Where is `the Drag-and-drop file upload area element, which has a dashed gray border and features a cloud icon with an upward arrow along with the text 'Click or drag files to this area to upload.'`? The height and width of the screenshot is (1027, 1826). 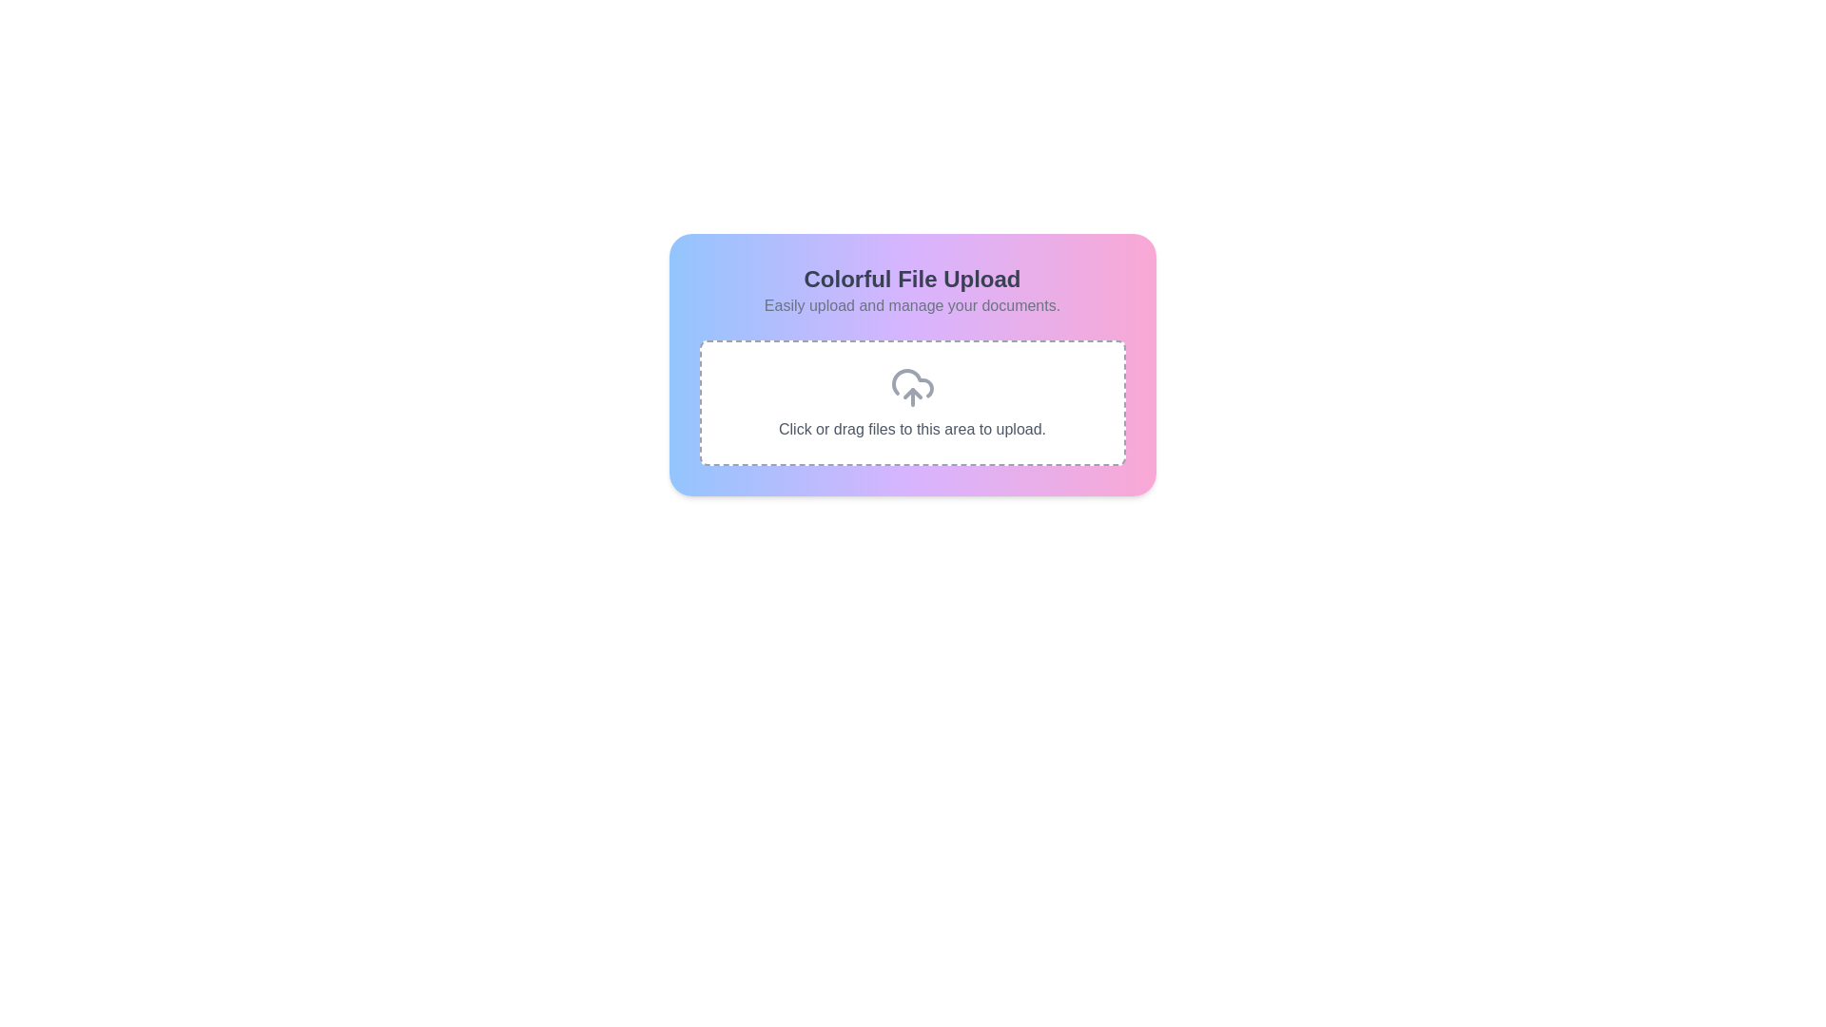 the Drag-and-drop file upload area element, which has a dashed gray border and features a cloud icon with an upward arrow along with the text 'Click or drag files to this area to upload.' is located at coordinates (911, 402).